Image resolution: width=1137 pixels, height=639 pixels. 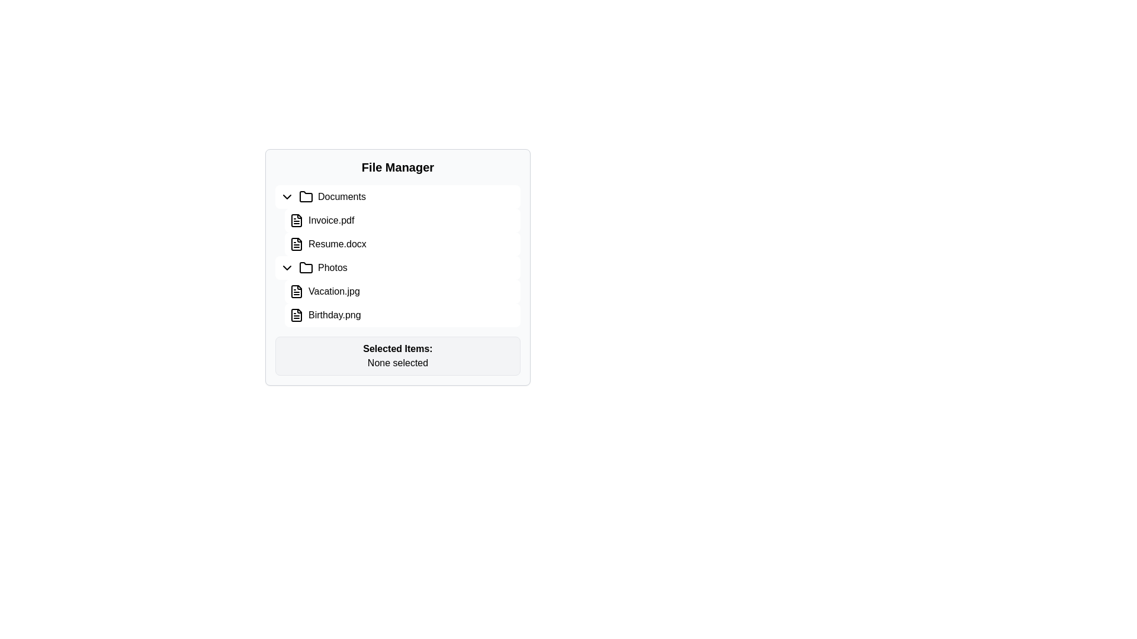 What do you see at coordinates (287, 267) in the screenshot?
I see `the interactive icon (expand/collapse chevron button) located to the left of the 'Photos' folder icon in the file manager interface` at bounding box center [287, 267].